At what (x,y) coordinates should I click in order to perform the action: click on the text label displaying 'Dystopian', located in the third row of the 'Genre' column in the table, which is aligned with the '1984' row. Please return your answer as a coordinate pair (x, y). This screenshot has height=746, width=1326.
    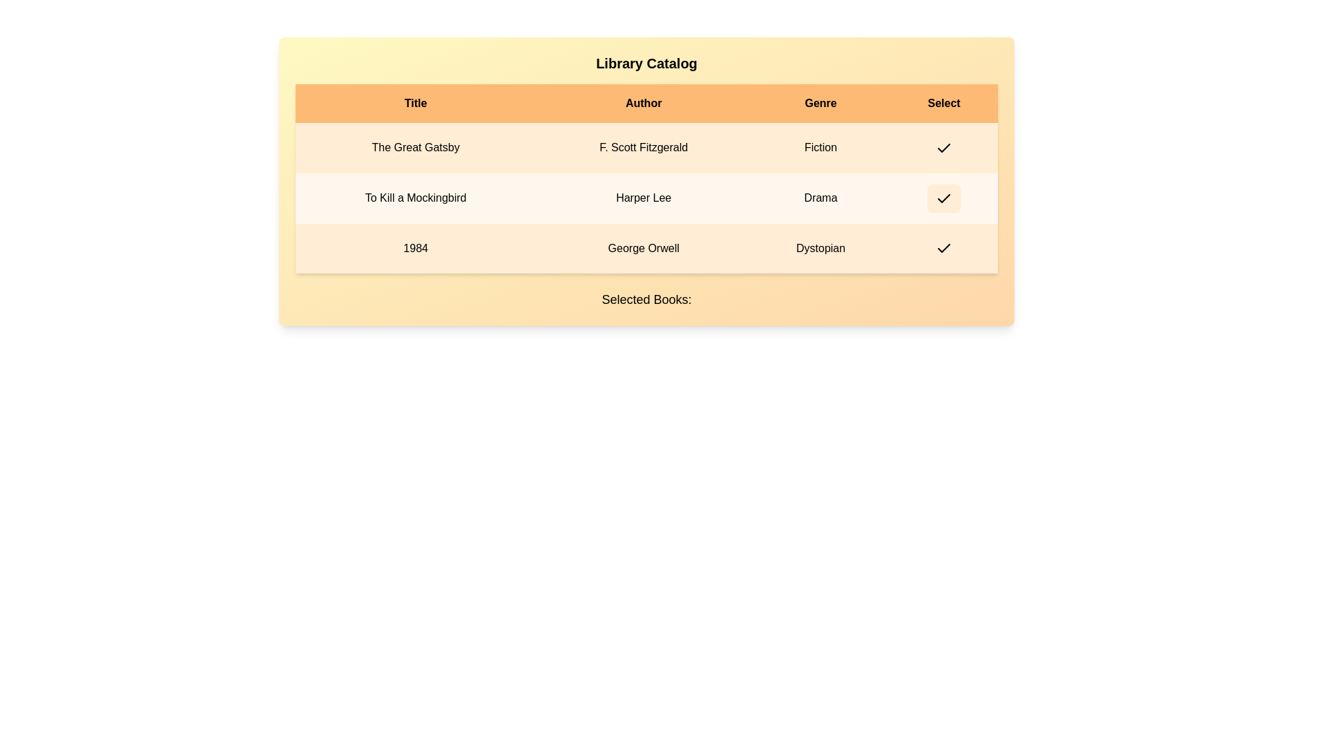
    Looking at the image, I should click on (820, 247).